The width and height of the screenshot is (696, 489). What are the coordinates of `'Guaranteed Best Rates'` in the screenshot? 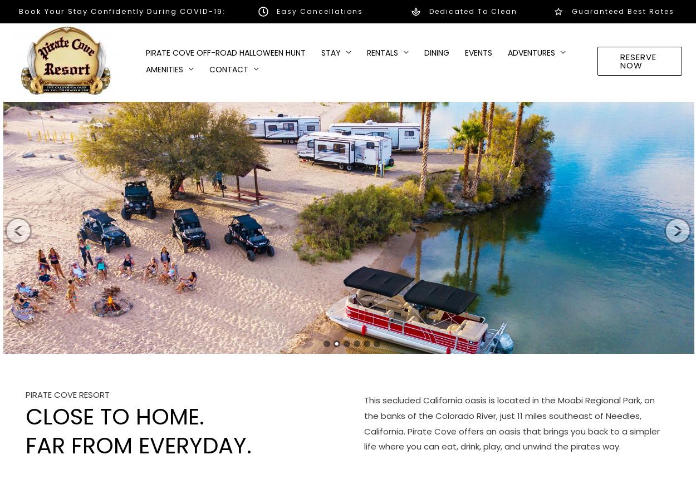 It's located at (622, 11).